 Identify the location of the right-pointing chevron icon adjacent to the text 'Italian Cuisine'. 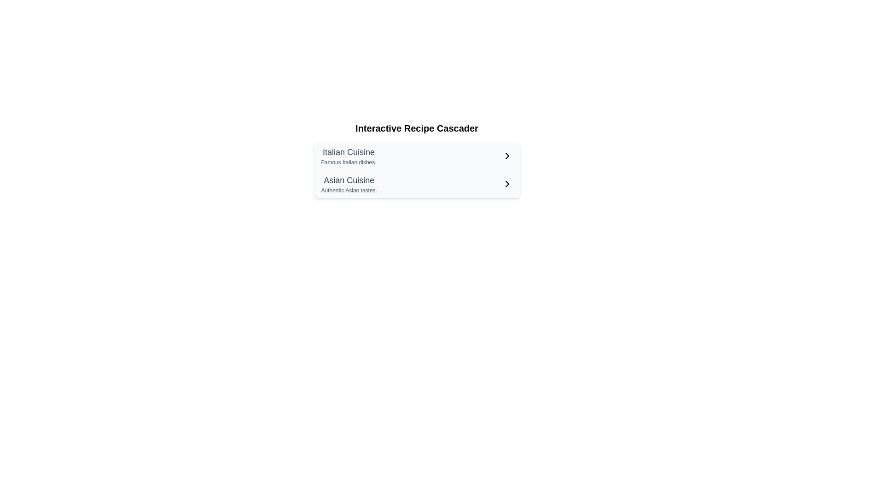
(506, 156).